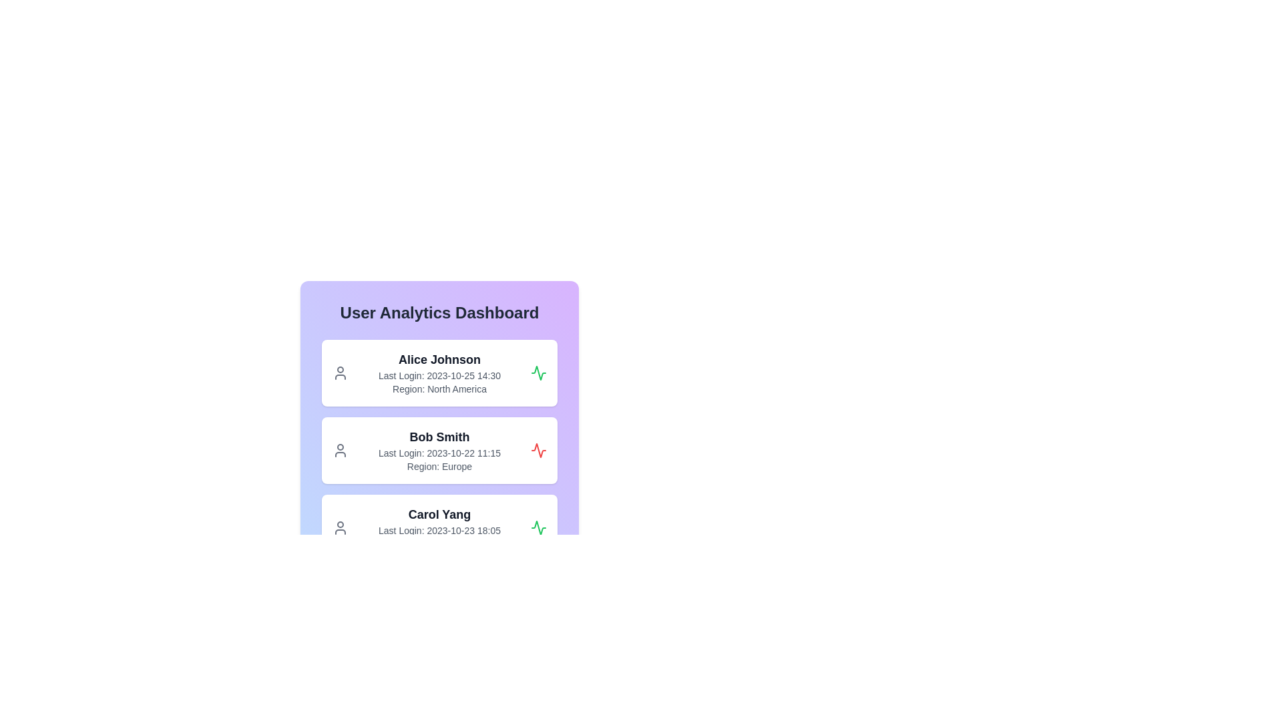 This screenshot has width=1282, height=721. What do you see at coordinates (538, 373) in the screenshot?
I see `the green pulse or activity graph icon located at the far right of the card for 'Alice Johnson', which aligns horizontally with the card's text` at bounding box center [538, 373].